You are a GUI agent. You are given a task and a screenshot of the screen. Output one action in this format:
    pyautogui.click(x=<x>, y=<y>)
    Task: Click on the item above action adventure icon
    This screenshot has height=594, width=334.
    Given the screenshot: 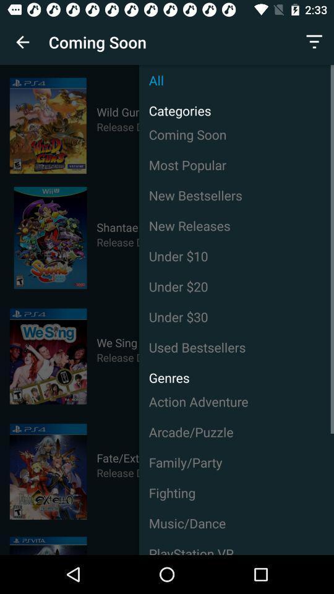 What is the action you would take?
    pyautogui.click(x=164, y=374)
    